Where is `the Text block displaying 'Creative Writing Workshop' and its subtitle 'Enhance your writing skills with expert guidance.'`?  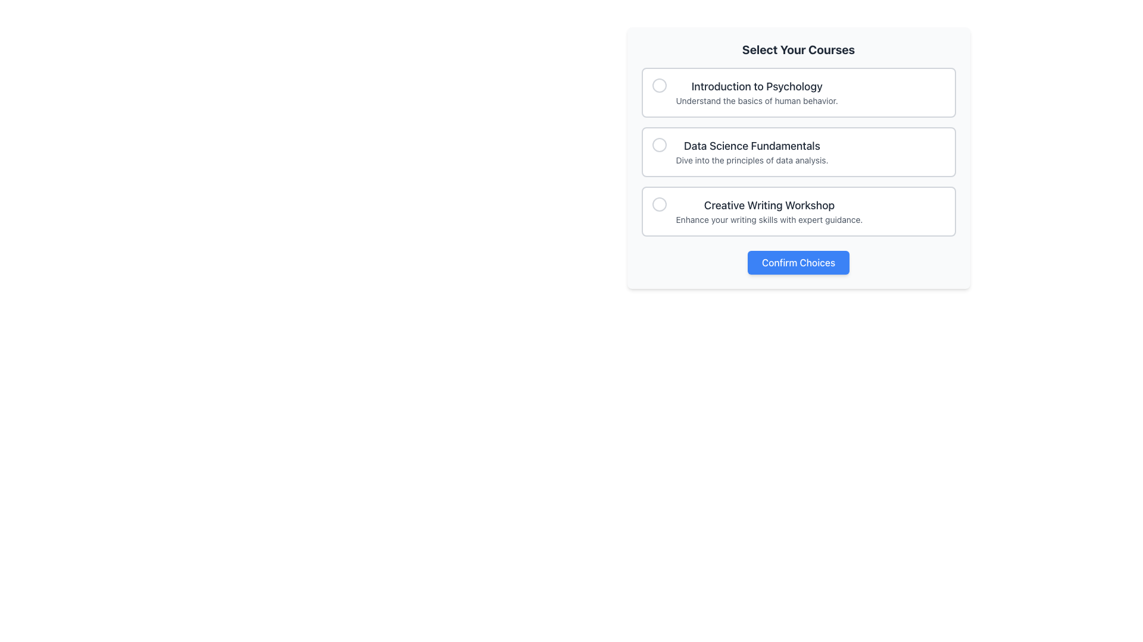 the Text block displaying 'Creative Writing Workshop' and its subtitle 'Enhance your writing skills with expert guidance.' is located at coordinates (769, 210).